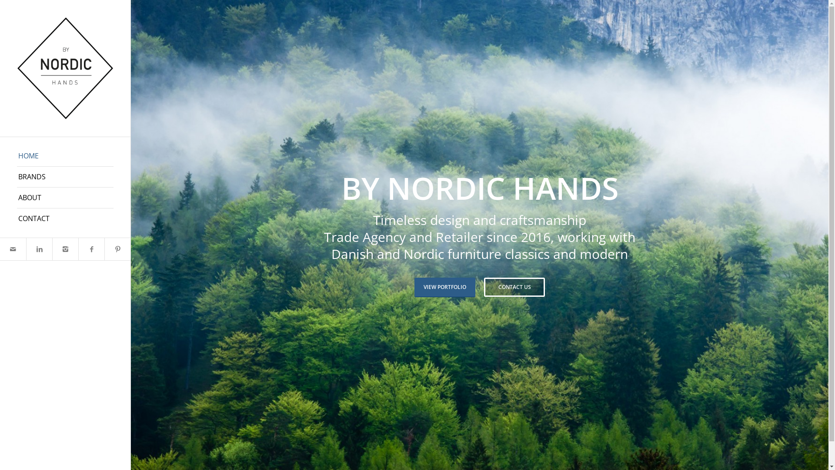 The height and width of the screenshot is (470, 835). I want to click on 'HOME', so click(17, 155).